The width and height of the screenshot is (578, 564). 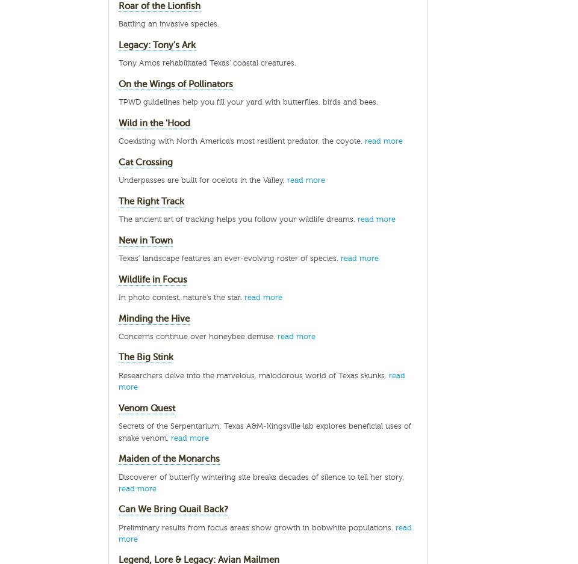 What do you see at coordinates (145, 357) in the screenshot?
I see `'The Big Stink'` at bounding box center [145, 357].